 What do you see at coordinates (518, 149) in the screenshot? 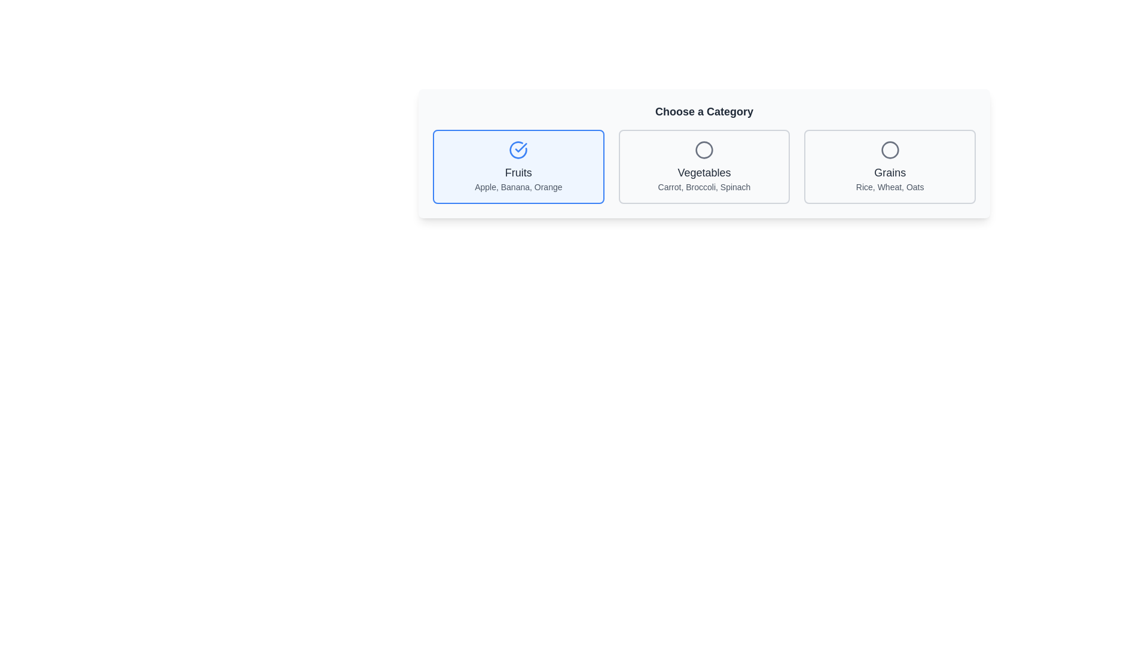
I see `styling of the circular selection indicator icon with a blue and white checkmark, located in the upper central section of the 'Fruits' card` at bounding box center [518, 149].